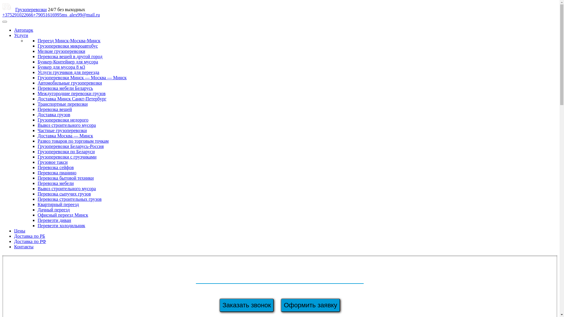 The width and height of the screenshot is (564, 317). I want to click on '+375291022666', so click(18, 14).